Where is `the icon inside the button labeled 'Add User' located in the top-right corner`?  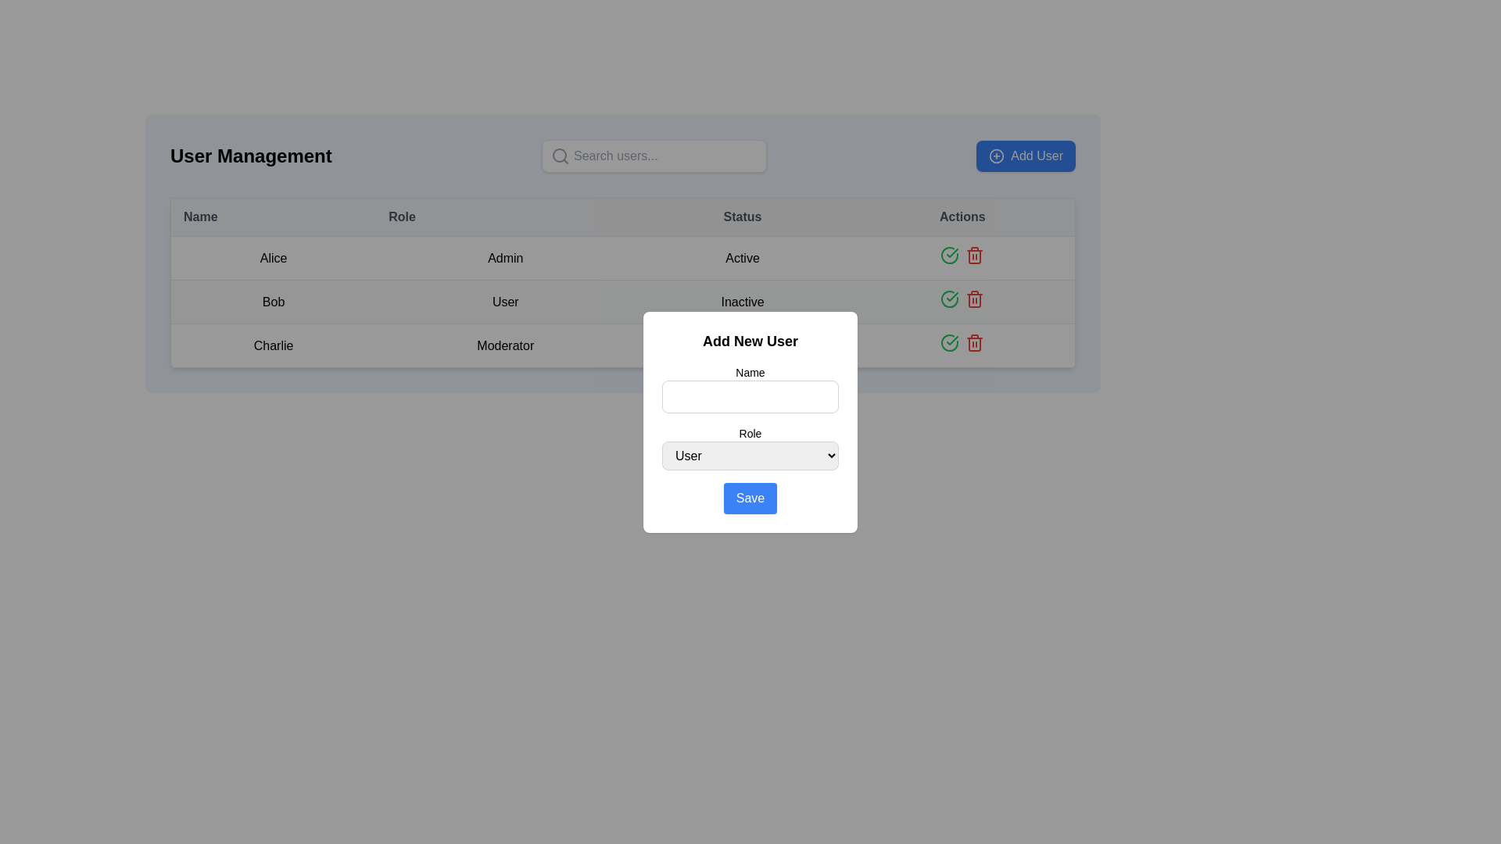
the icon inside the button labeled 'Add User' located in the top-right corner is located at coordinates (996, 156).